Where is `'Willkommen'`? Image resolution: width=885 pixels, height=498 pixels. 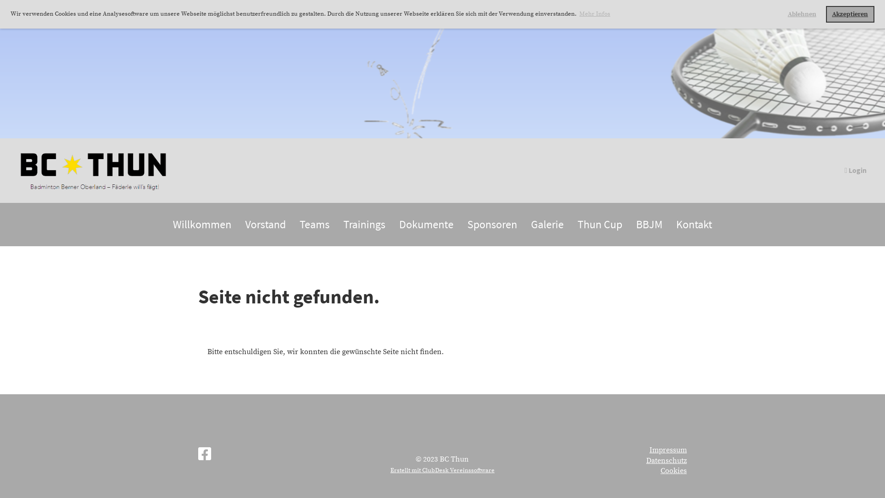
'Willkommen' is located at coordinates (201, 224).